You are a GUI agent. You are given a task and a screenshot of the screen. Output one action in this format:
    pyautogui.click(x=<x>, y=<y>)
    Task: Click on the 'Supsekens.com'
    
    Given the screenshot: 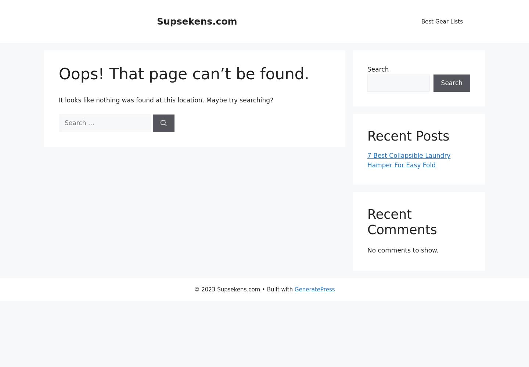 What is the action you would take?
    pyautogui.click(x=196, y=21)
    